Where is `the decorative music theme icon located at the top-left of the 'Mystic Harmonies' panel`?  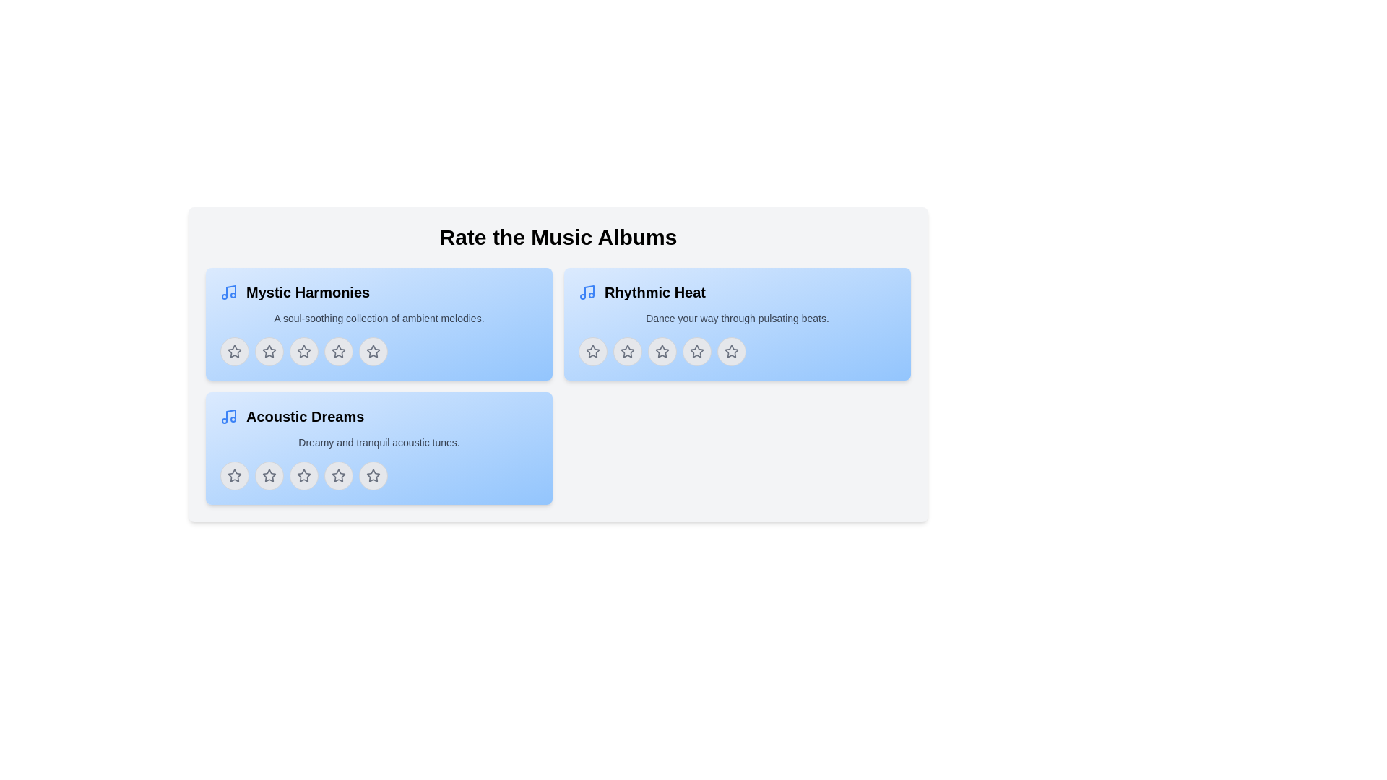
the decorative music theme icon located at the top-left of the 'Mystic Harmonies' panel is located at coordinates (228, 292).